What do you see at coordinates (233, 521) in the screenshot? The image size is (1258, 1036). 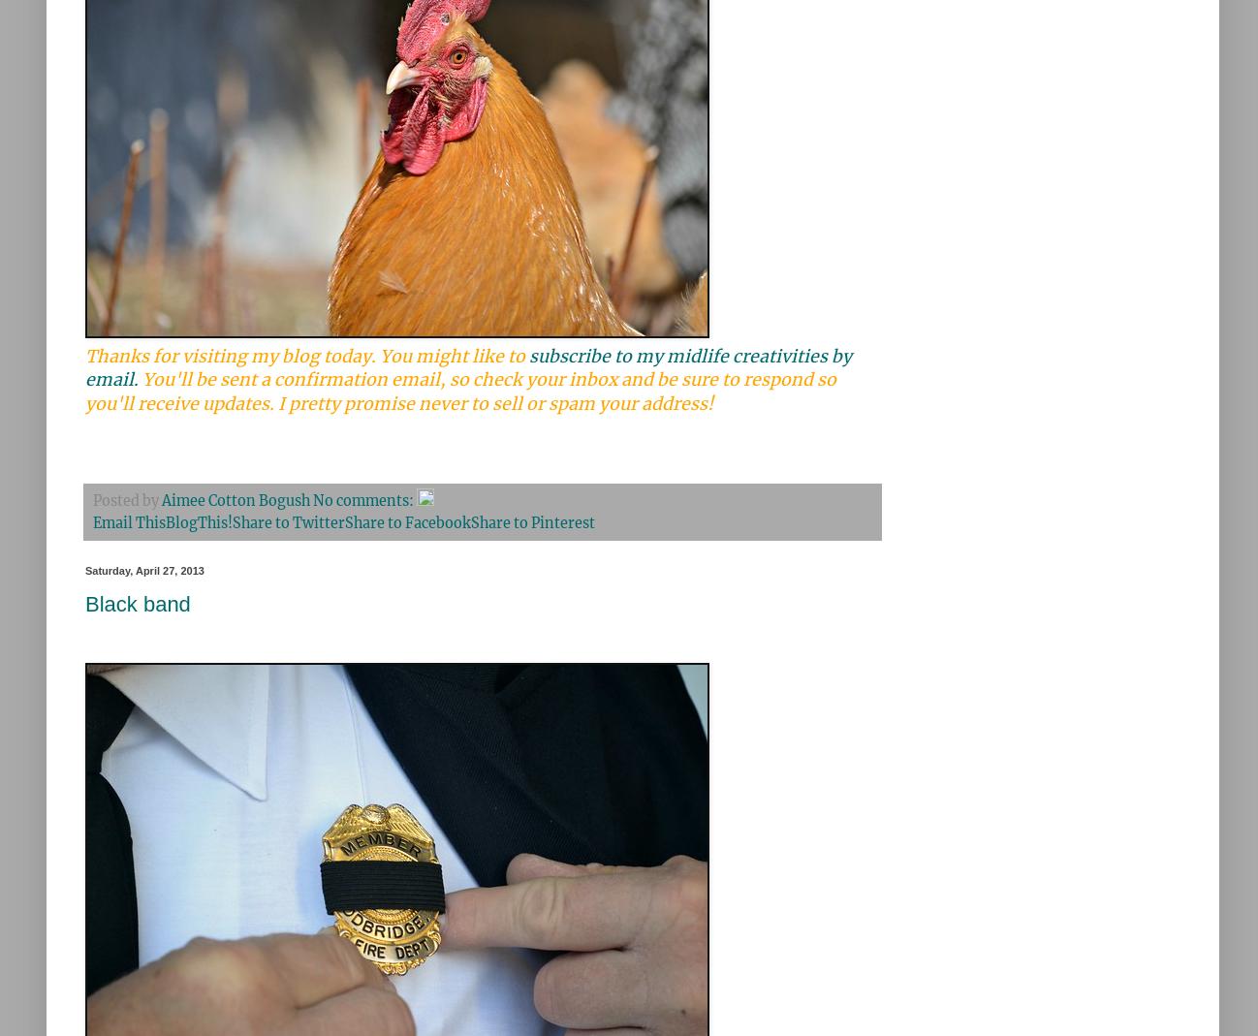 I see `'Share to Twitter'` at bounding box center [233, 521].